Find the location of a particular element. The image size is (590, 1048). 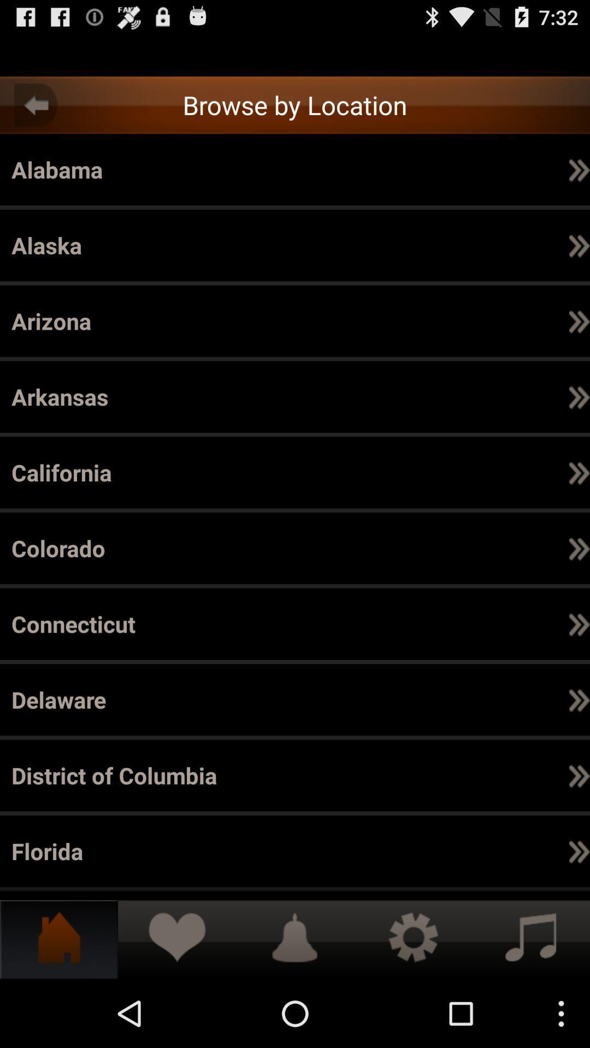

the item next to   alameda icon is located at coordinates (474, 169).